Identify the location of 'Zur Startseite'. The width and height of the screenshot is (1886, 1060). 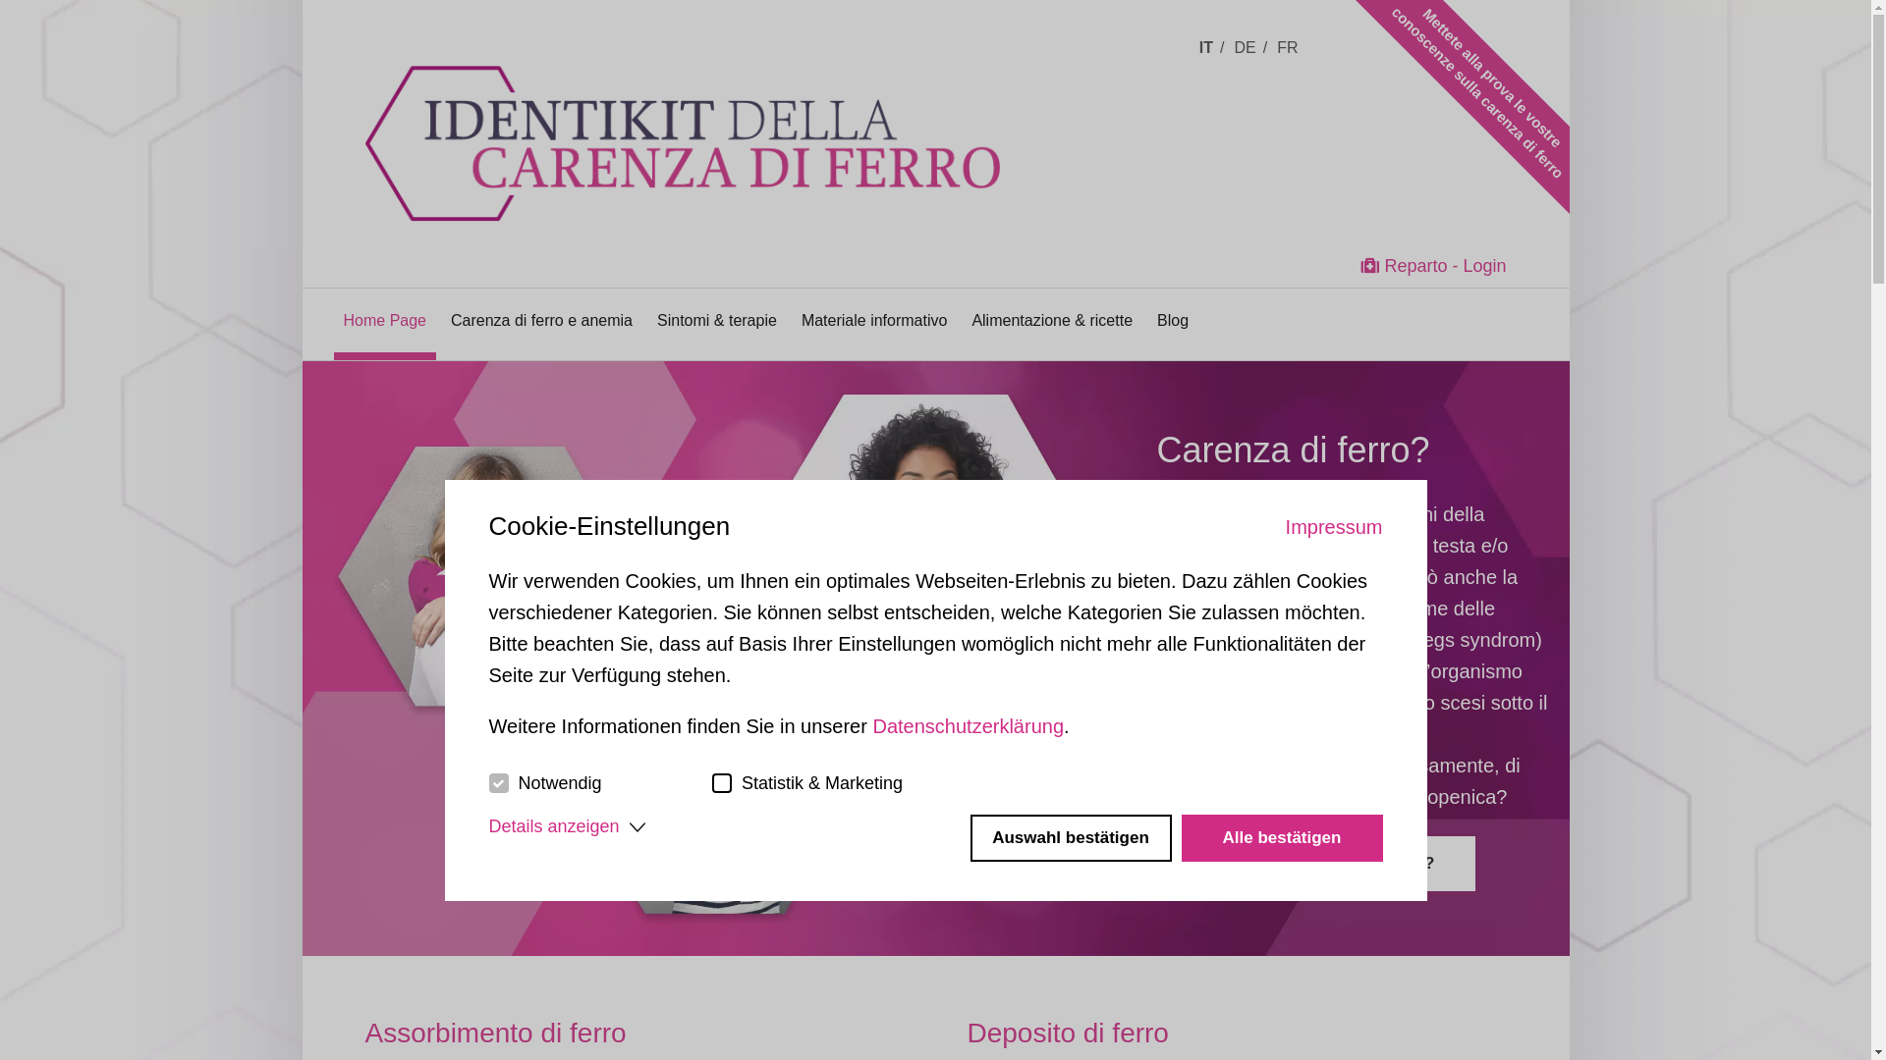
(724, 110).